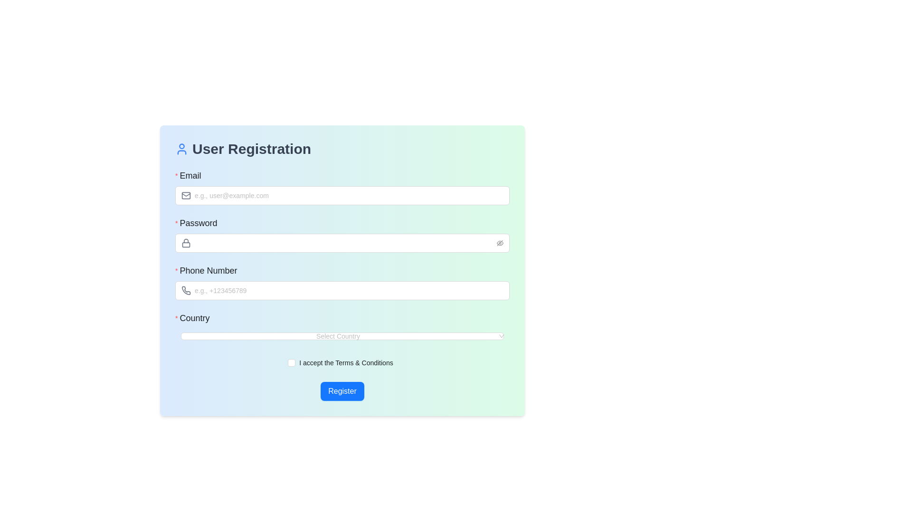 The height and width of the screenshot is (513, 912). I want to click on the eye toggle button on the right side of the password input field, so click(342, 243).